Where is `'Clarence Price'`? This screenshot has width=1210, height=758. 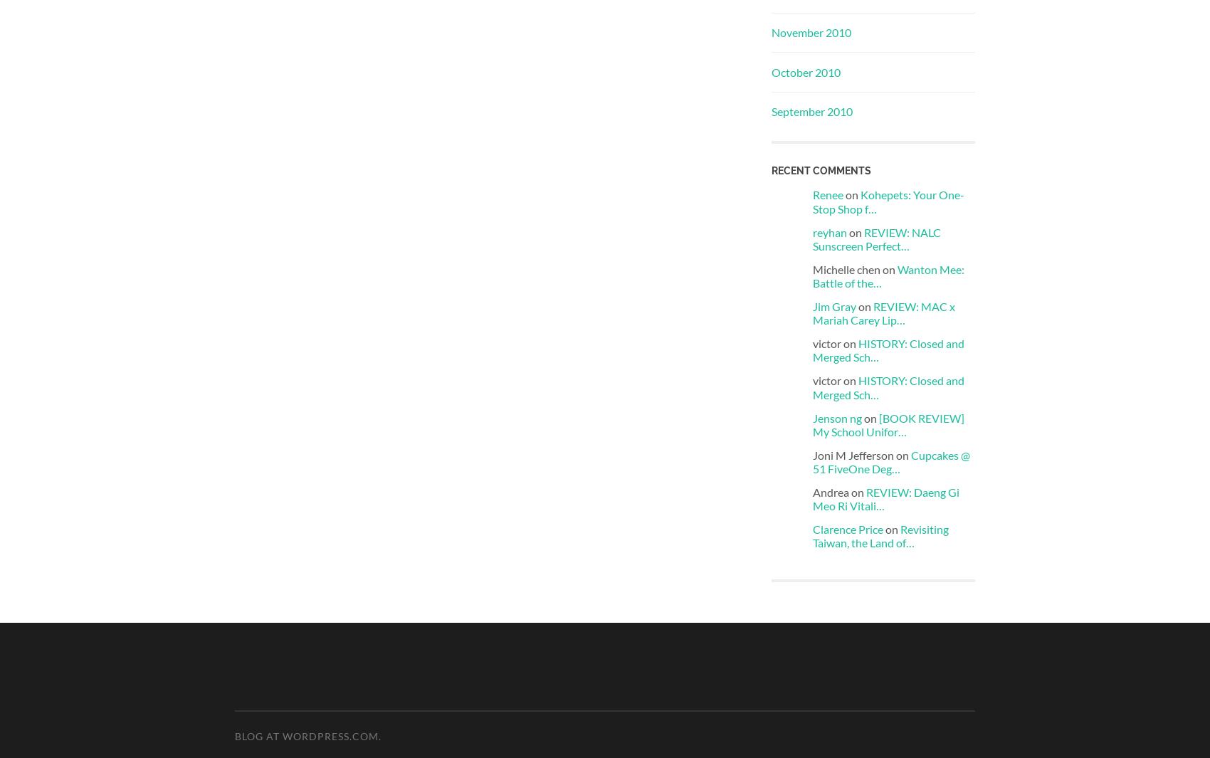
'Clarence Price' is located at coordinates (813, 529).